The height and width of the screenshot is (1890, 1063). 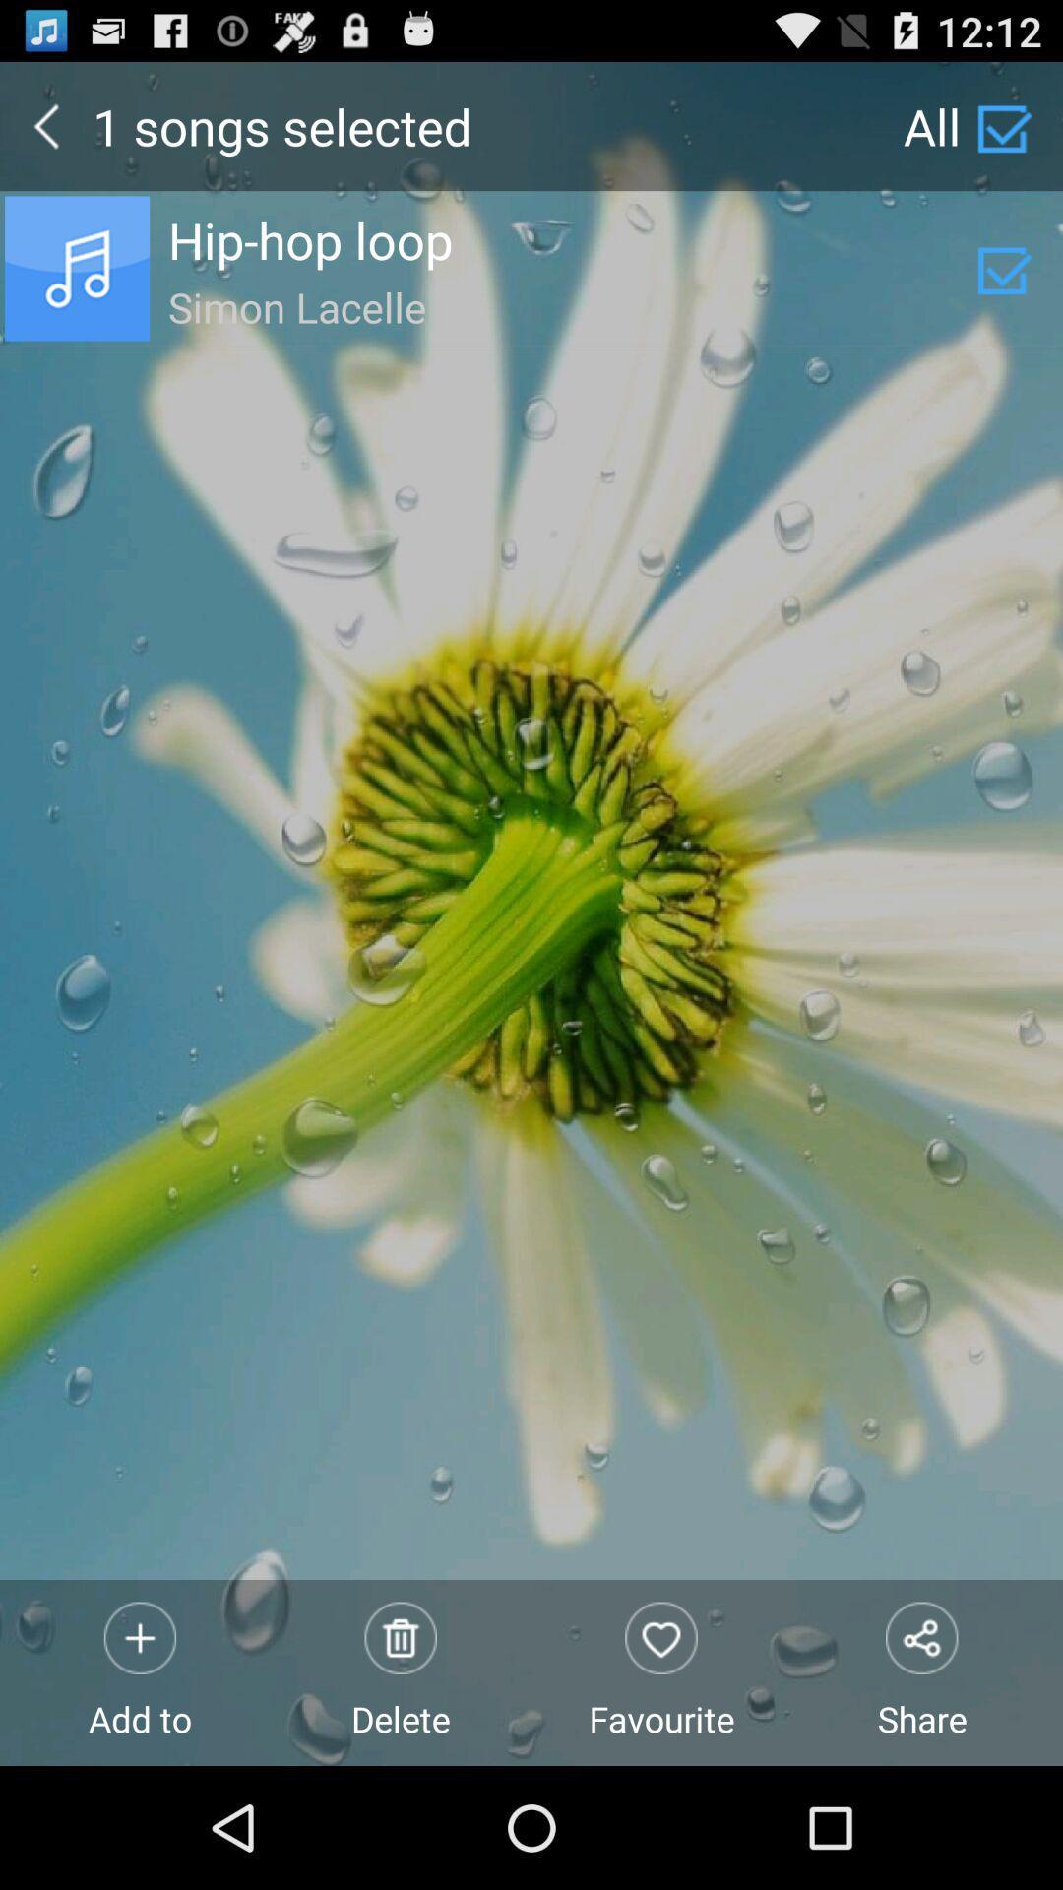 I want to click on the add to item, so click(x=139, y=1671).